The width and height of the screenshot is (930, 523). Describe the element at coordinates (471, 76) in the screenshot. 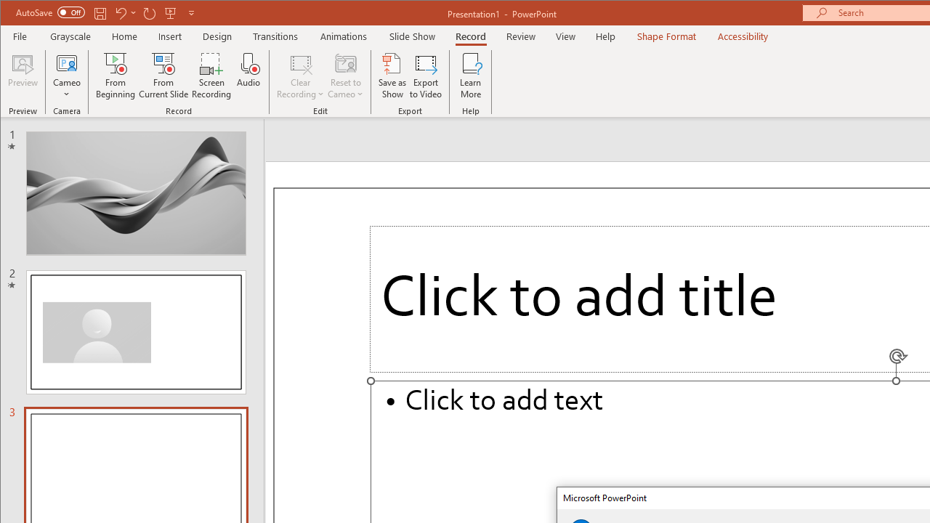

I see `'Learn More'` at that location.